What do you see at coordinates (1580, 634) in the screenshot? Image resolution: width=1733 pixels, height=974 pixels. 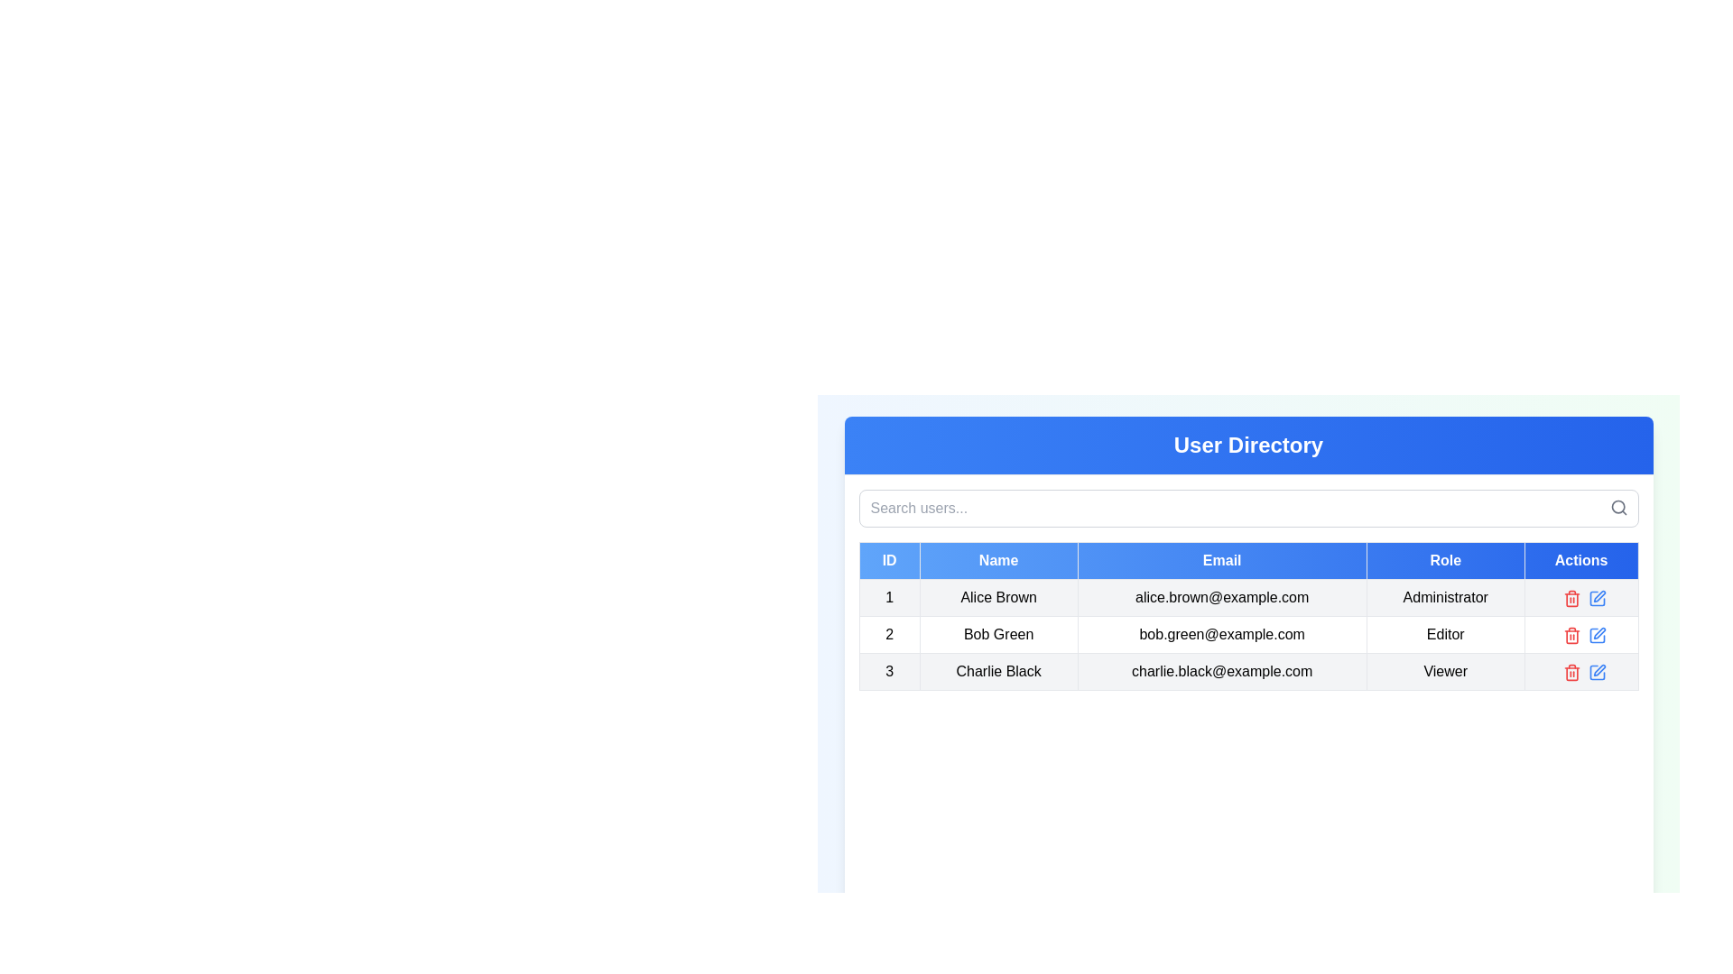 I see `the blank section in the 'Actions' column for user 'Bob Green', which is located right-aligned next to the delete and edit icons` at bounding box center [1580, 634].